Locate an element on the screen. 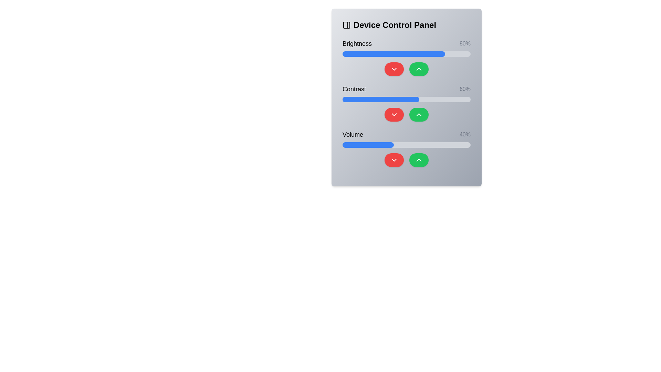  the contrast level is located at coordinates (387, 100).